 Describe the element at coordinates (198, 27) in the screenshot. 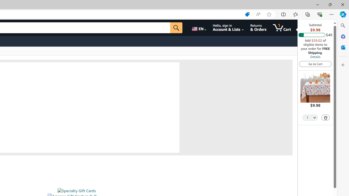

I see `'Choose a language for shopping.'` at that location.